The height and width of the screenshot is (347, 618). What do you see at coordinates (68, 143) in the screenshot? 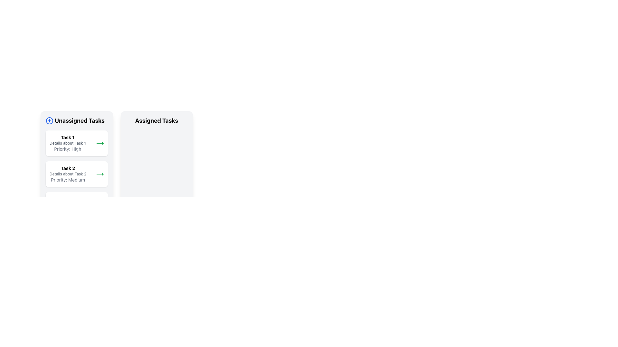
I see `information displayed in the text block showing 'Task 1', 'Details about Task 1', and 'Priority: High' located under the 'Unassigned Tasks' section` at bounding box center [68, 143].